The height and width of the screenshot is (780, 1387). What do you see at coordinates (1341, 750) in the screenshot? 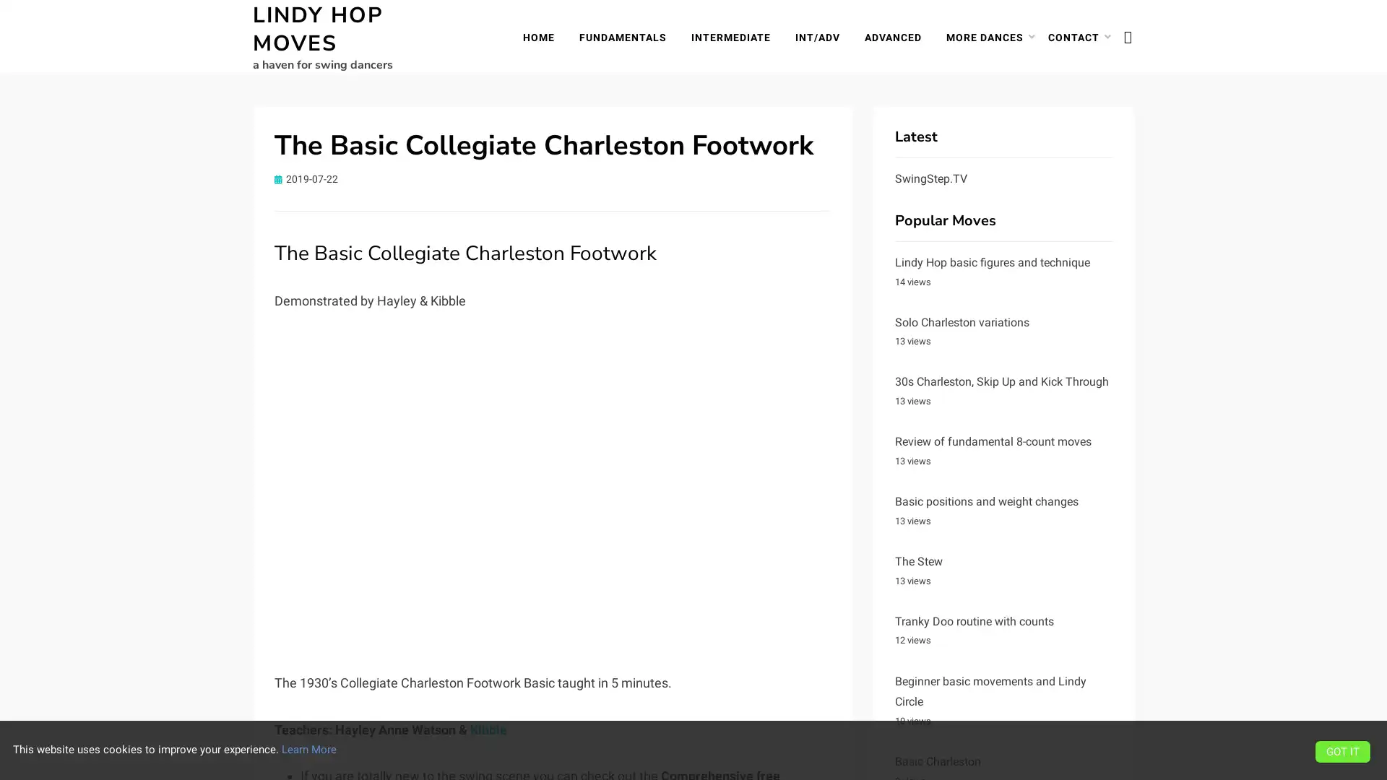
I see `GOT IT` at bounding box center [1341, 750].